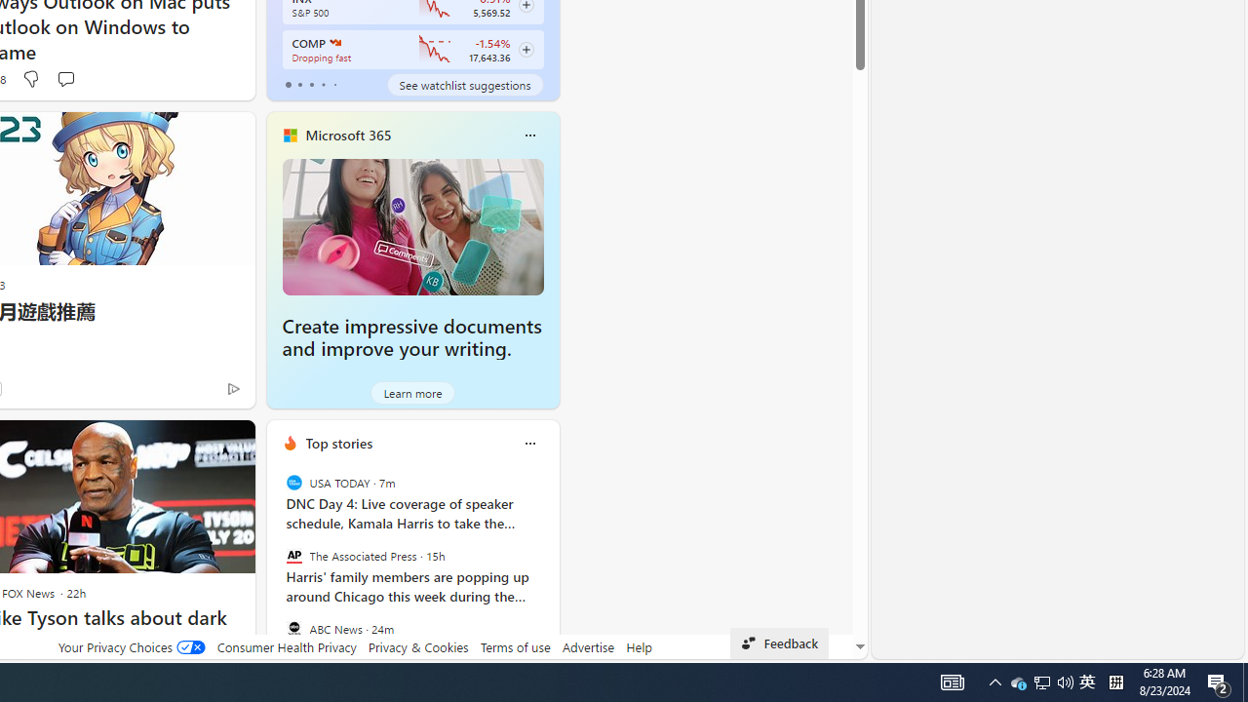 Image resolution: width=1248 pixels, height=702 pixels. Describe the element at coordinates (411, 392) in the screenshot. I see `'Learn more'` at that location.